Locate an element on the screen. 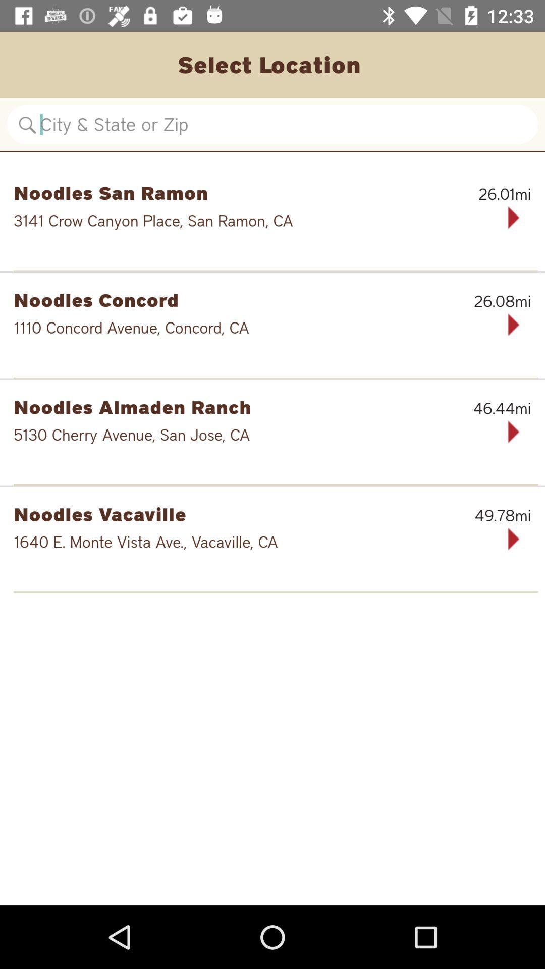 The height and width of the screenshot is (969, 545). noodles vacaville  icon is located at coordinates (220, 514).